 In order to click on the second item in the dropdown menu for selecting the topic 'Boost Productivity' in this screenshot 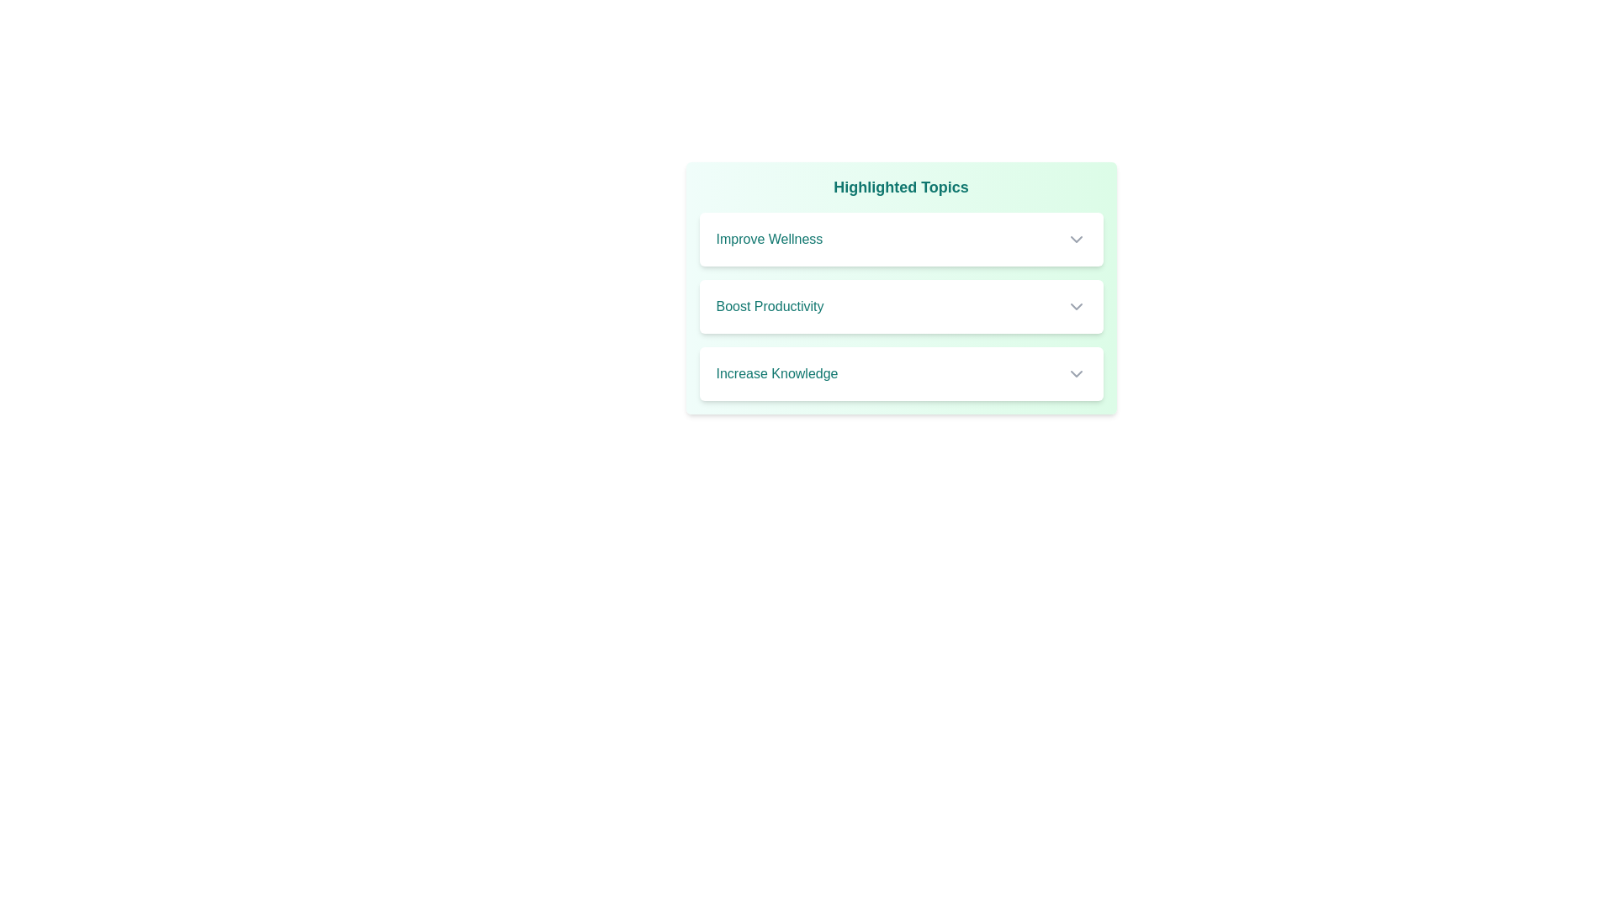, I will do `click(900, 307)`.